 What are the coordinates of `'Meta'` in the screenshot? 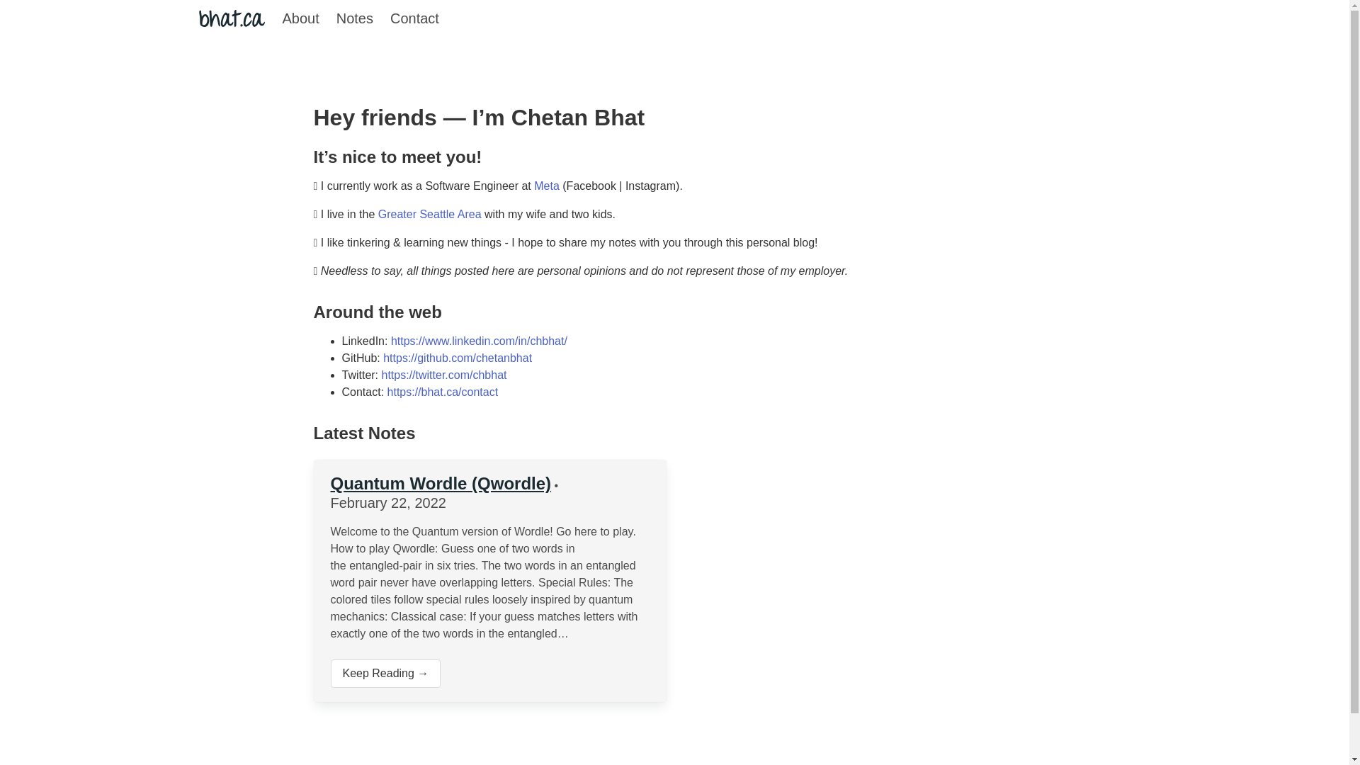 It's located at (547, 185).